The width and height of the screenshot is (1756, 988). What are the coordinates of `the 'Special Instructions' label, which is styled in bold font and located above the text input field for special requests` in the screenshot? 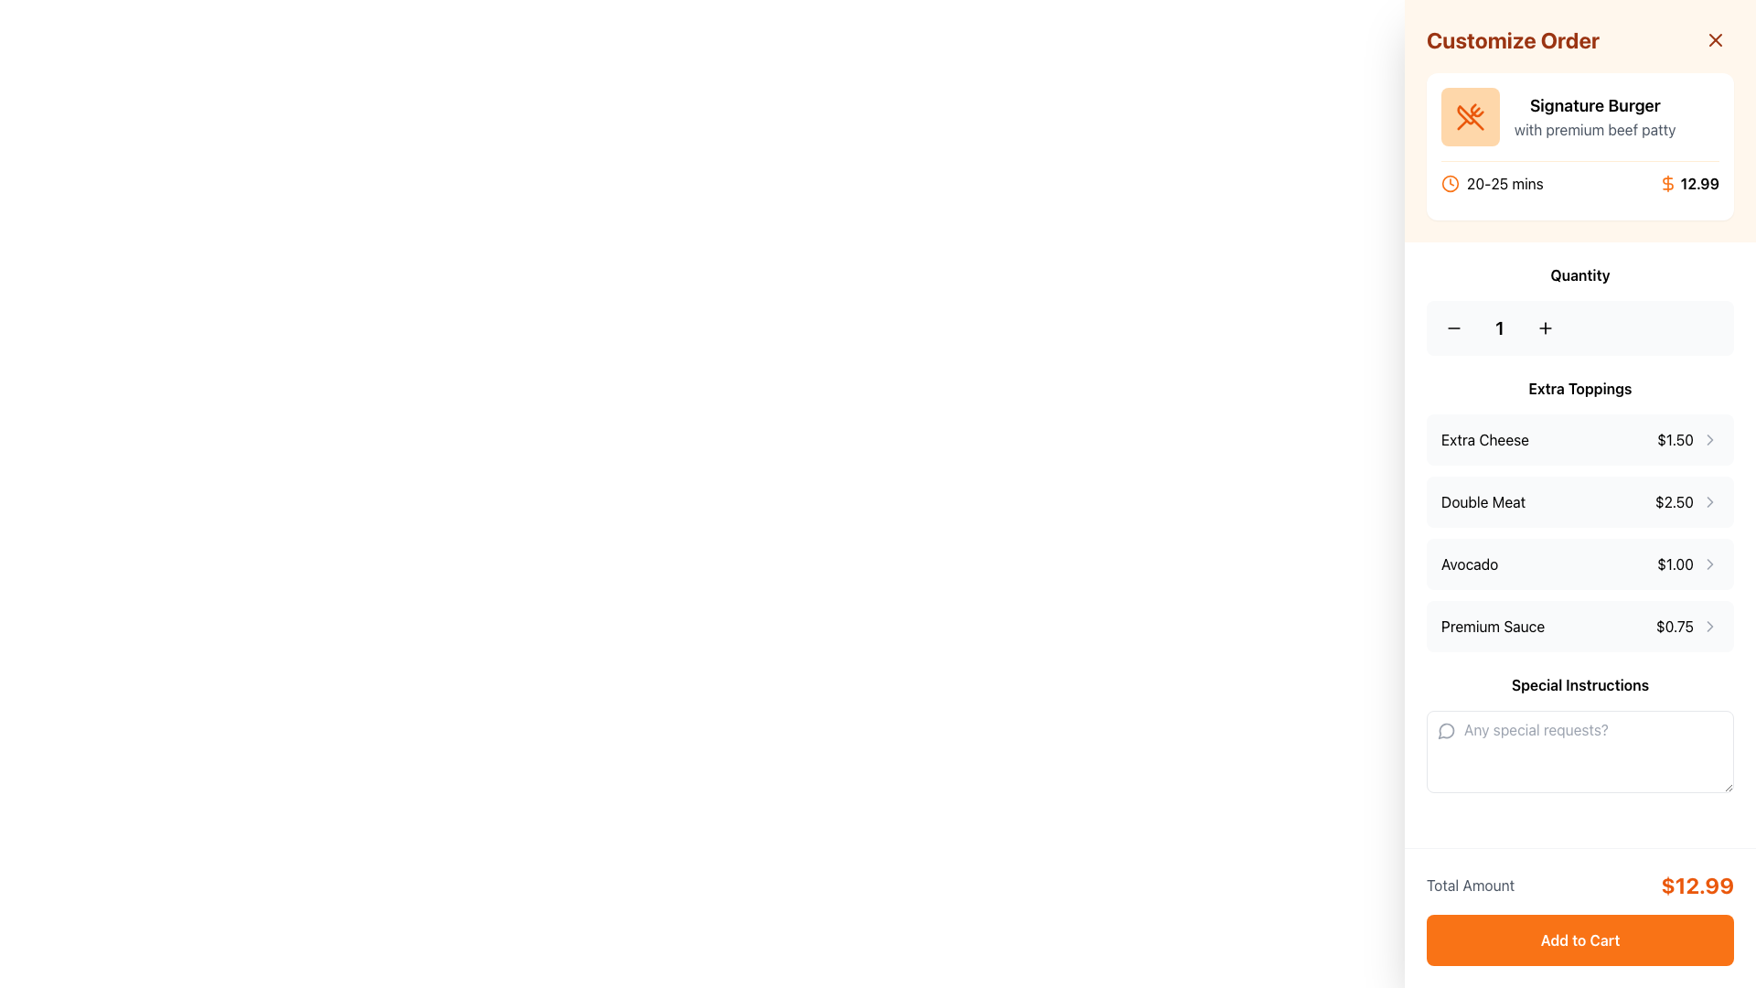 It's located at (1579, 684).